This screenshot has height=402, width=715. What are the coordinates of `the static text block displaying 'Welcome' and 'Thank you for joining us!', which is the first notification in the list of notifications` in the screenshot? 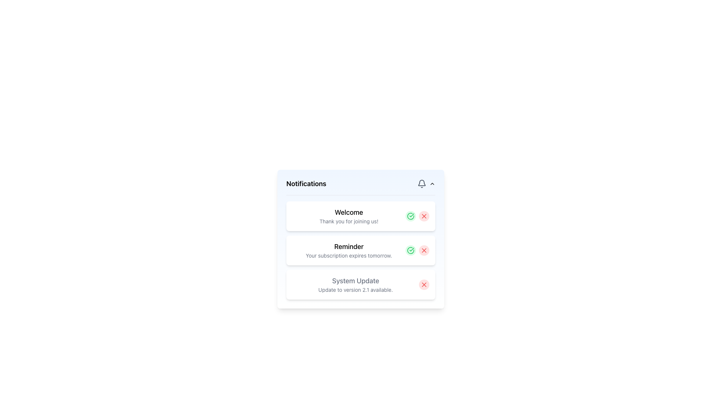 It's located at (348, 216).